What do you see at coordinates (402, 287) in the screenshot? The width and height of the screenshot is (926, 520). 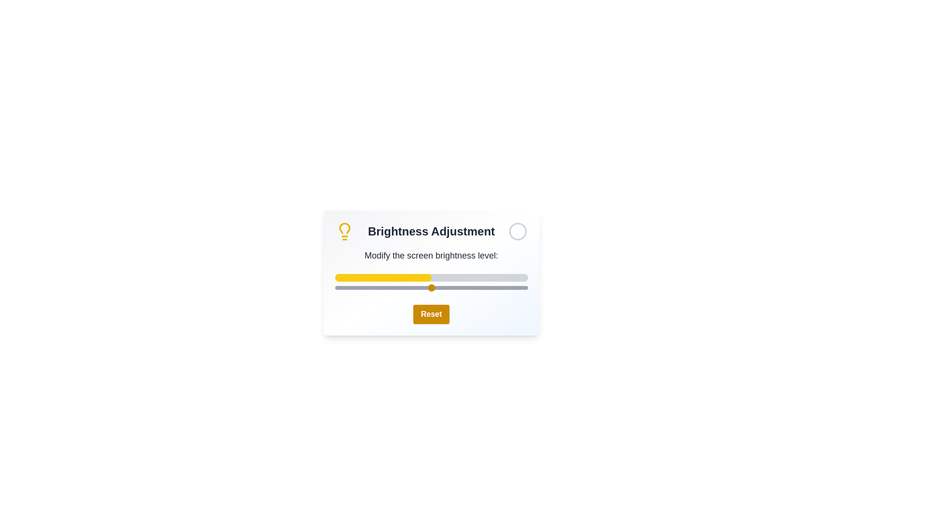 I see `the brightness slider to 35%` at bounding box center [402, 287].